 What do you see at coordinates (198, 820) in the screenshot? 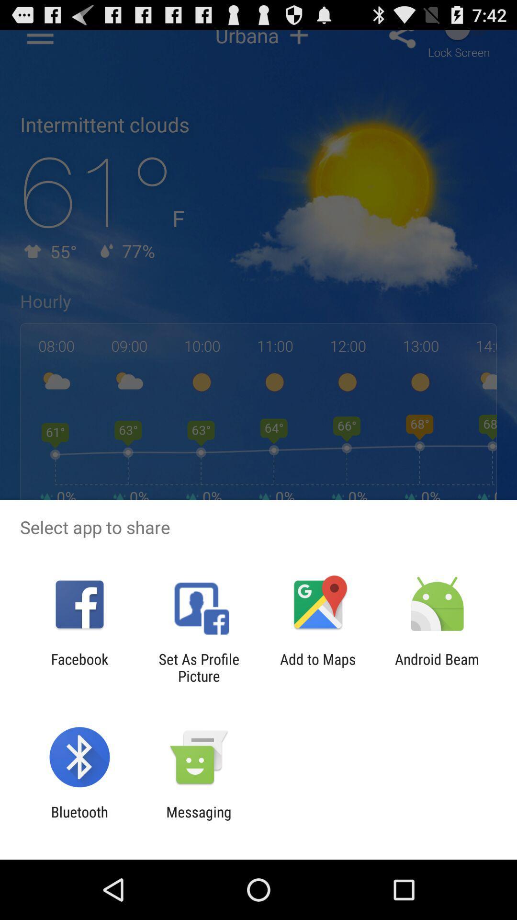
I see `the item to the right of the bluetooth item` at bounding box center [198, 820].